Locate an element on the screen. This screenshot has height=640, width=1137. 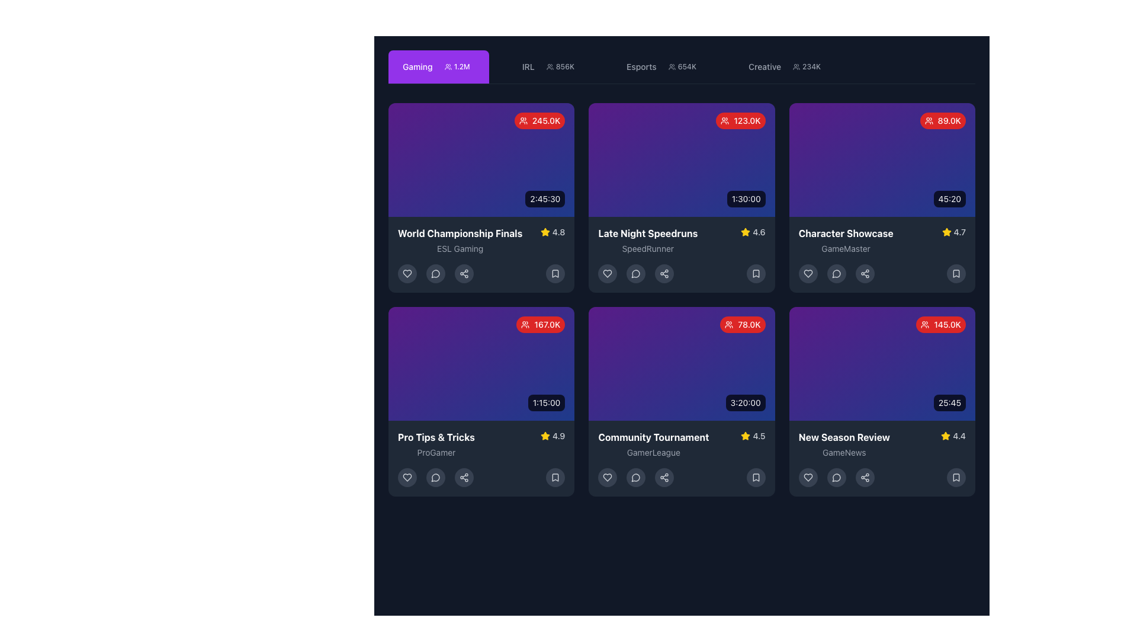
the interactive icon located in the bottom section of the 'Pro Tips & Tricks' card is located at coordinates (435, 477).